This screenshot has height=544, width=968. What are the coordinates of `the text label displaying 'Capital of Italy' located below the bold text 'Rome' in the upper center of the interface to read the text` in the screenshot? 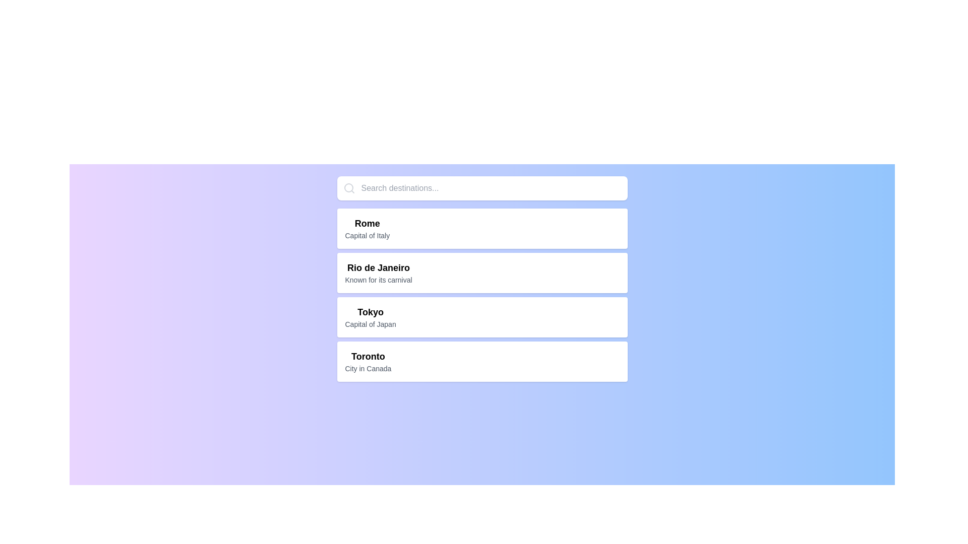 It's located at (367, 235).